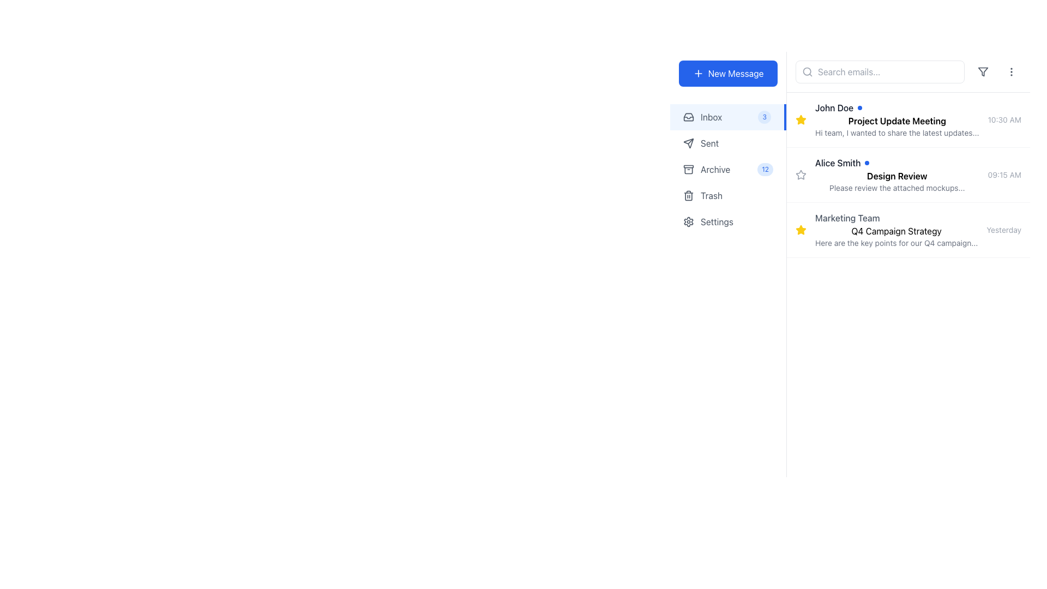 The height and width of the screenshot is (589, 1047). Describe the element at coordinates (728, 117) in the screenshot. I see `the first item in the vertical list within the side menu` at that location.